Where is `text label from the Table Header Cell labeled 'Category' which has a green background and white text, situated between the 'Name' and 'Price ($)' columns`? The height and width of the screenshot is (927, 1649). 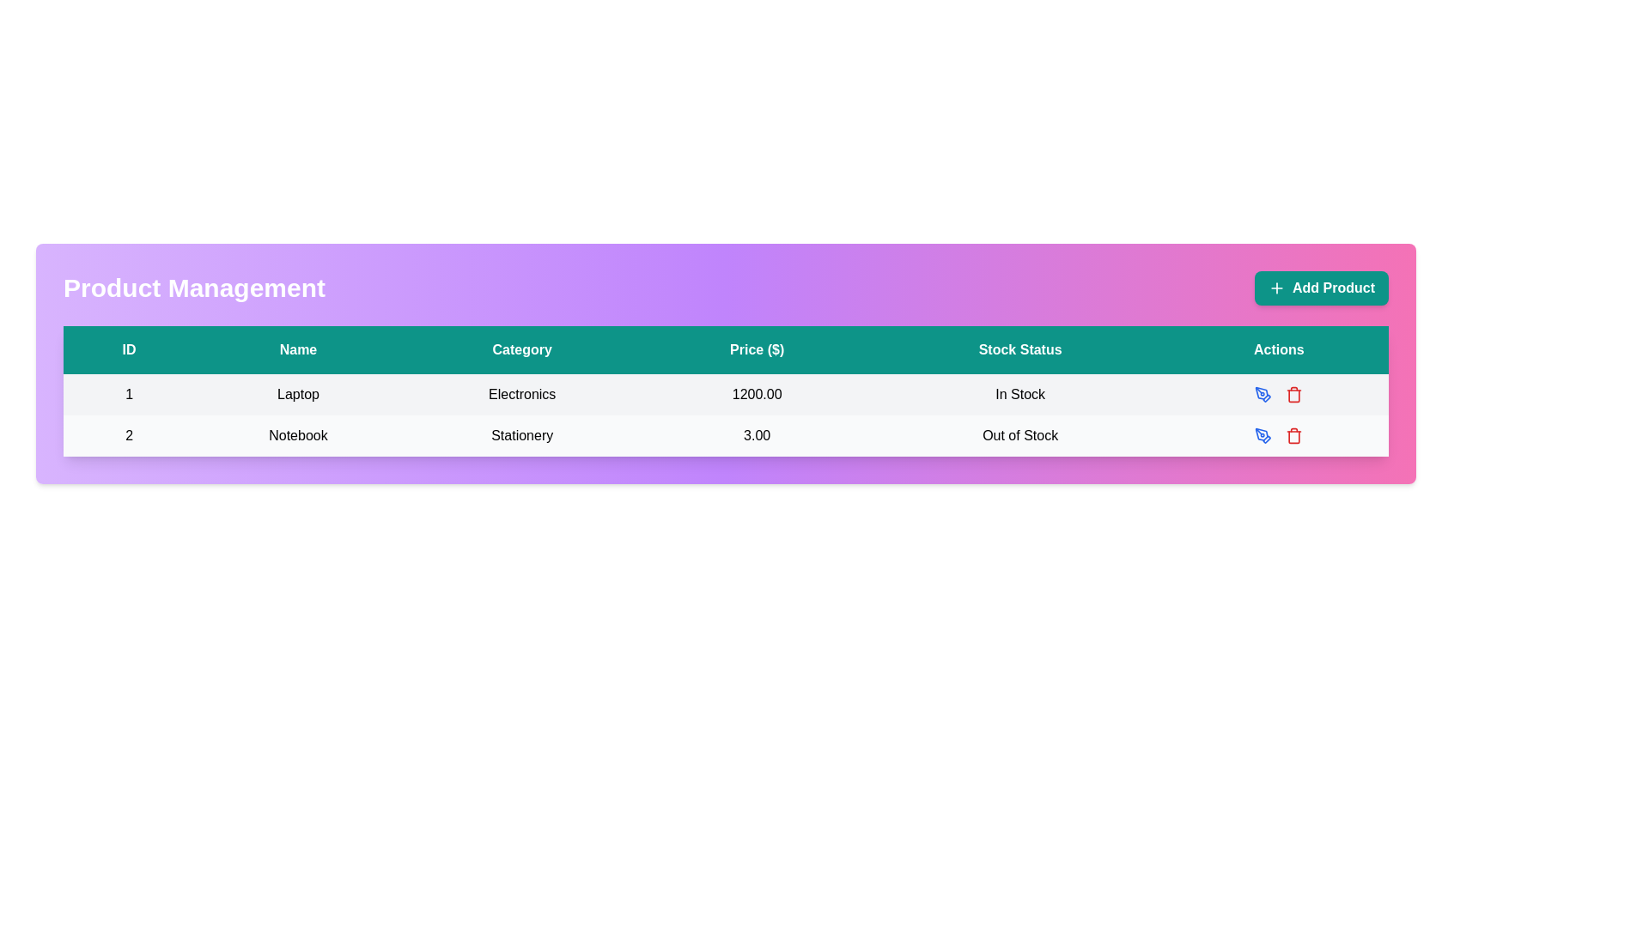 text label from the Table Header Cell labeled 'Category' which has a green background and white text, situated between the 'Name' and 'Price ($)' columns is located at coordinates (521, 349).